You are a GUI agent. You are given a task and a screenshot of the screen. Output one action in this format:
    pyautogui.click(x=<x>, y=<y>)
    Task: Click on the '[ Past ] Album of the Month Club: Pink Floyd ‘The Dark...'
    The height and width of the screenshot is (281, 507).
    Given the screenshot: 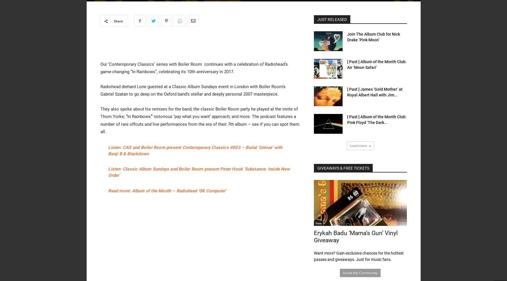 What is the action you would take?
    pyautogui.click(x=346, y=119)
    